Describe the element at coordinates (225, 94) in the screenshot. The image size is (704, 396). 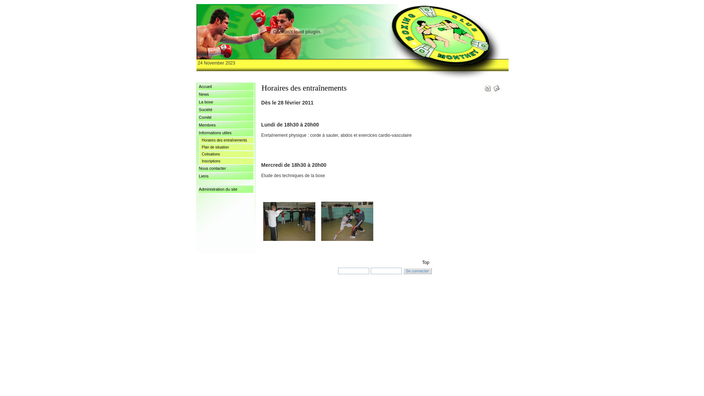
I see `'News'` at that location.